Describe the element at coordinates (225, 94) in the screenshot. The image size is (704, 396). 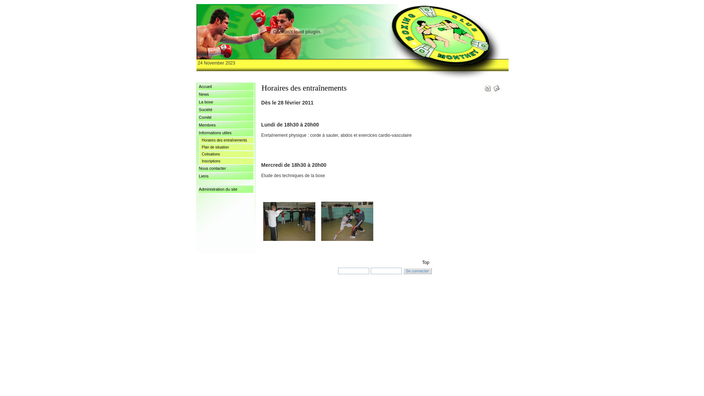
I see `'News'` at that location.